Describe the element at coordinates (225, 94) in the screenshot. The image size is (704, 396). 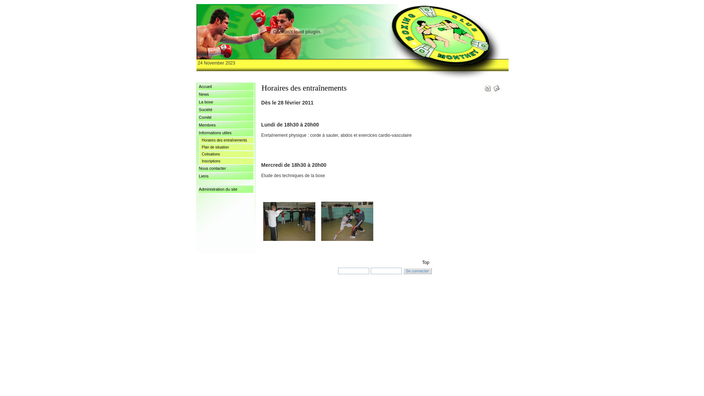
I see `'News'` at that location.